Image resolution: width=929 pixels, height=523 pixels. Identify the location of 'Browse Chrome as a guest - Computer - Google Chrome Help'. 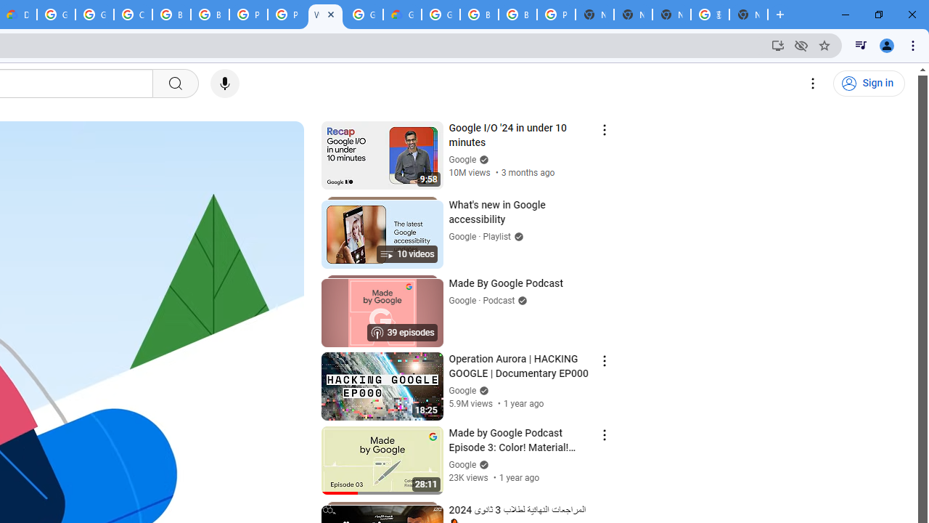
(479, 15).